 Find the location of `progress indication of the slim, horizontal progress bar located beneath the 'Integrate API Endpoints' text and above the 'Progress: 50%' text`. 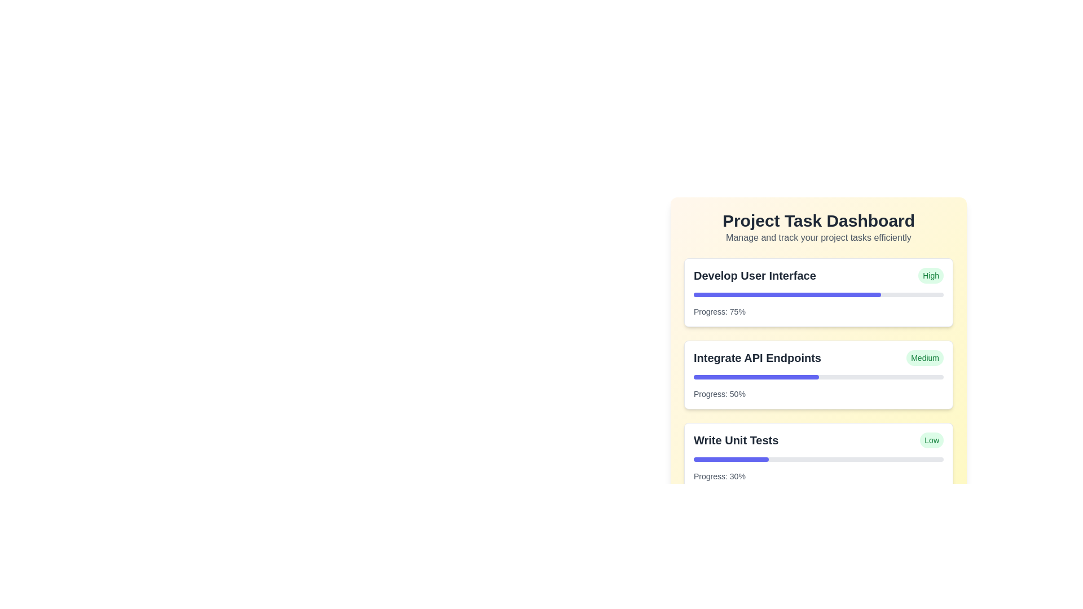

progress indication of the slim, horizontal progress bar located beneath the 'Integrate API Endpoints' text and above the 'Progress: 50%' text is located at coordinates (818, 377).